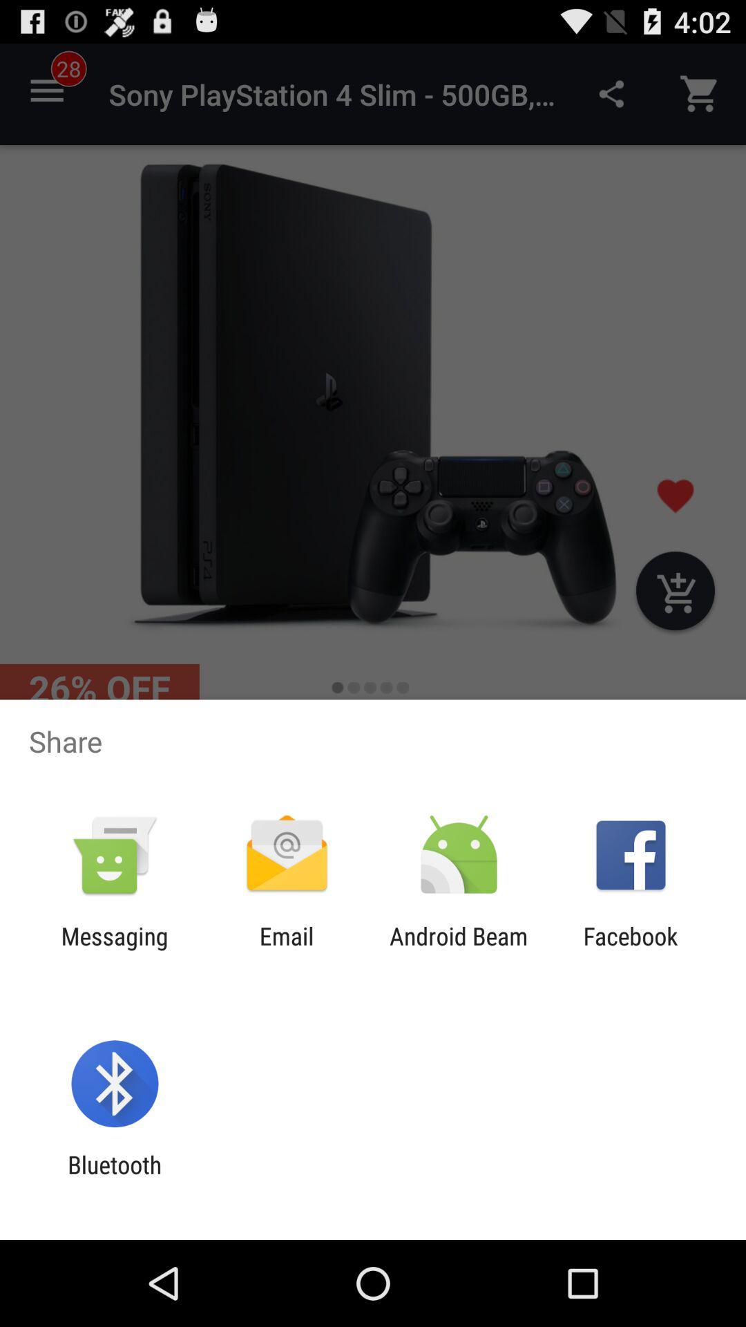 The image size is (746, 1327). What do you see at coordinates (459, 950) in the screenshot?
I see `the android beam` at bounding box center [459, 950].